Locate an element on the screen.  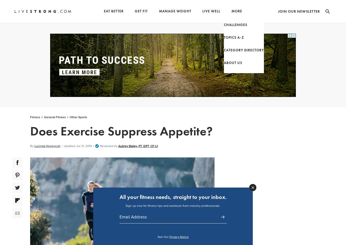
'Does Exercise Suppress Appetite?' is located at coordinates (121, 132).